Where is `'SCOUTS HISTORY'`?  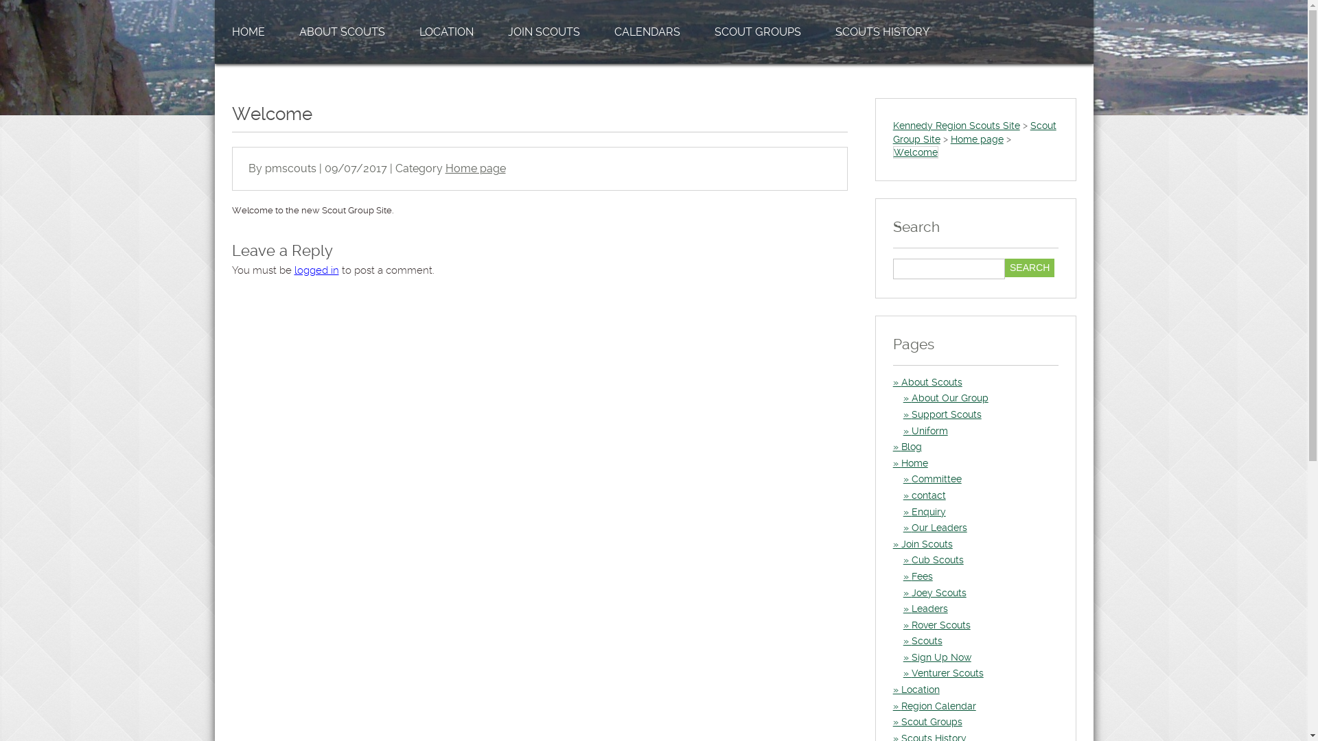
'SCOUTS HISTORY' is located at coordinates (882, 31).